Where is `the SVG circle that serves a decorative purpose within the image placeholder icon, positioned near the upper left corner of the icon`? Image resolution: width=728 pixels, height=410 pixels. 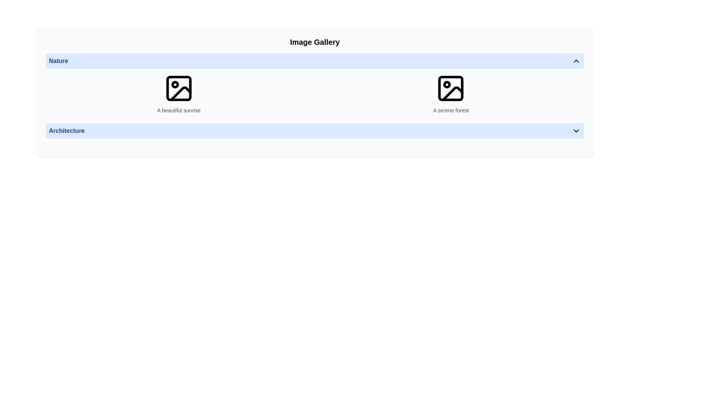
the SVG circle that serves a decorative purpose within the image placeholder icon, positioned near the upper left corner of the icon is located at coordinates (174, 85).